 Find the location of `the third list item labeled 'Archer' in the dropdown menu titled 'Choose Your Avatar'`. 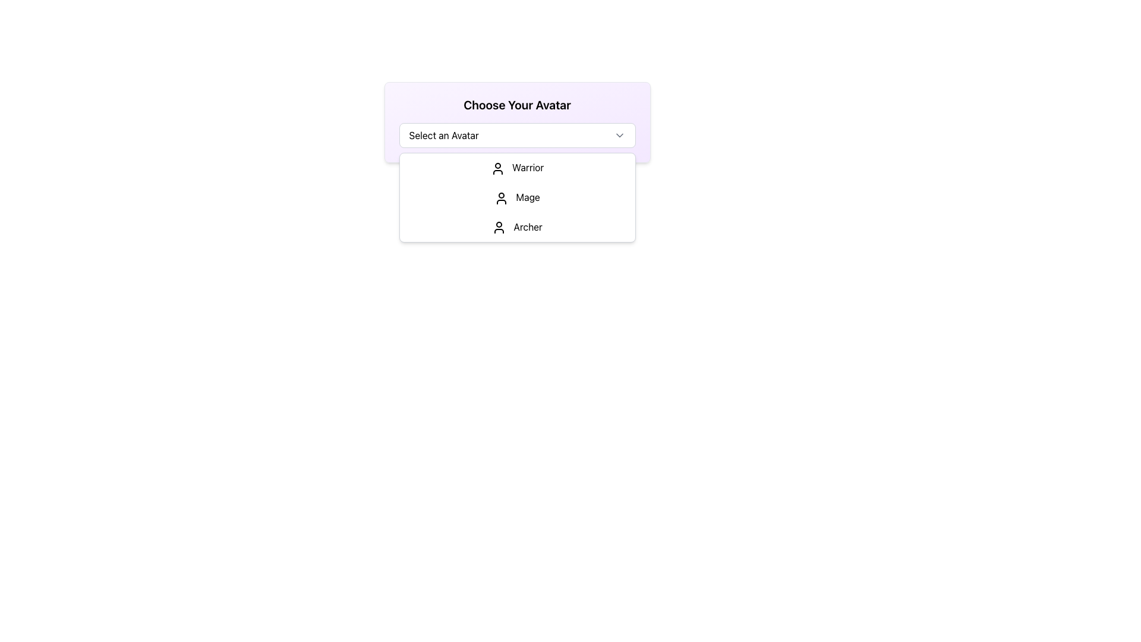

the third list item labeled 'Archer' in the dropdown menu titled 'Choose Your Avatar' is located at coordinates (517, 227).